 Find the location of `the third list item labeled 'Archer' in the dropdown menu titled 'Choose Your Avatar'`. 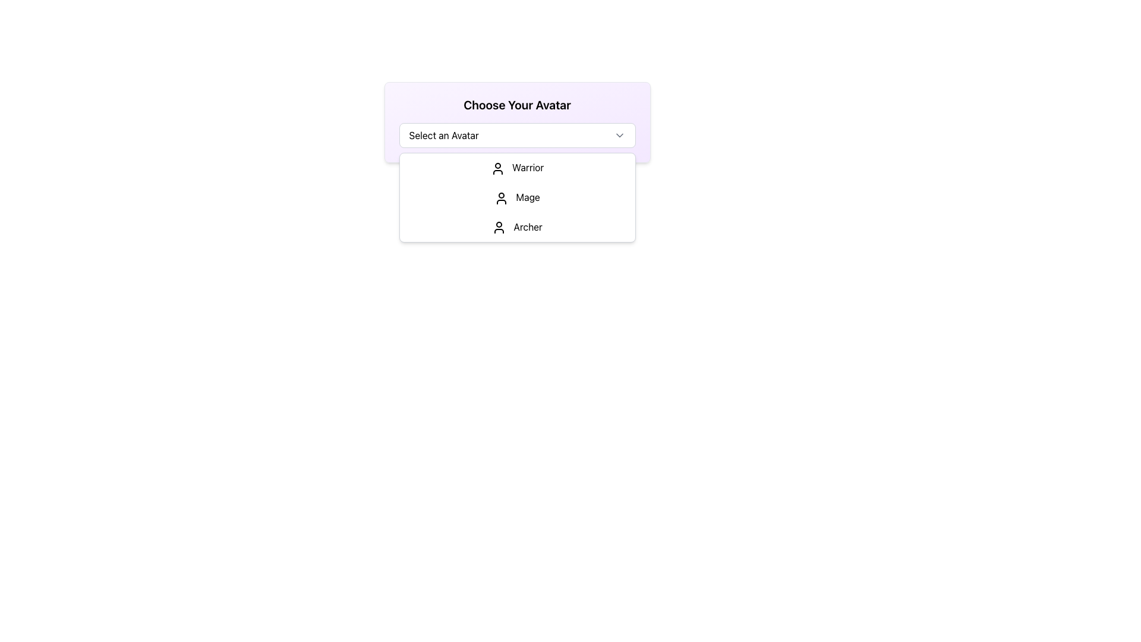

the third list item labeled 'Archer' in the dropdown menu titled 'Choose Your Avatar' is located at coordinates (517, 227).